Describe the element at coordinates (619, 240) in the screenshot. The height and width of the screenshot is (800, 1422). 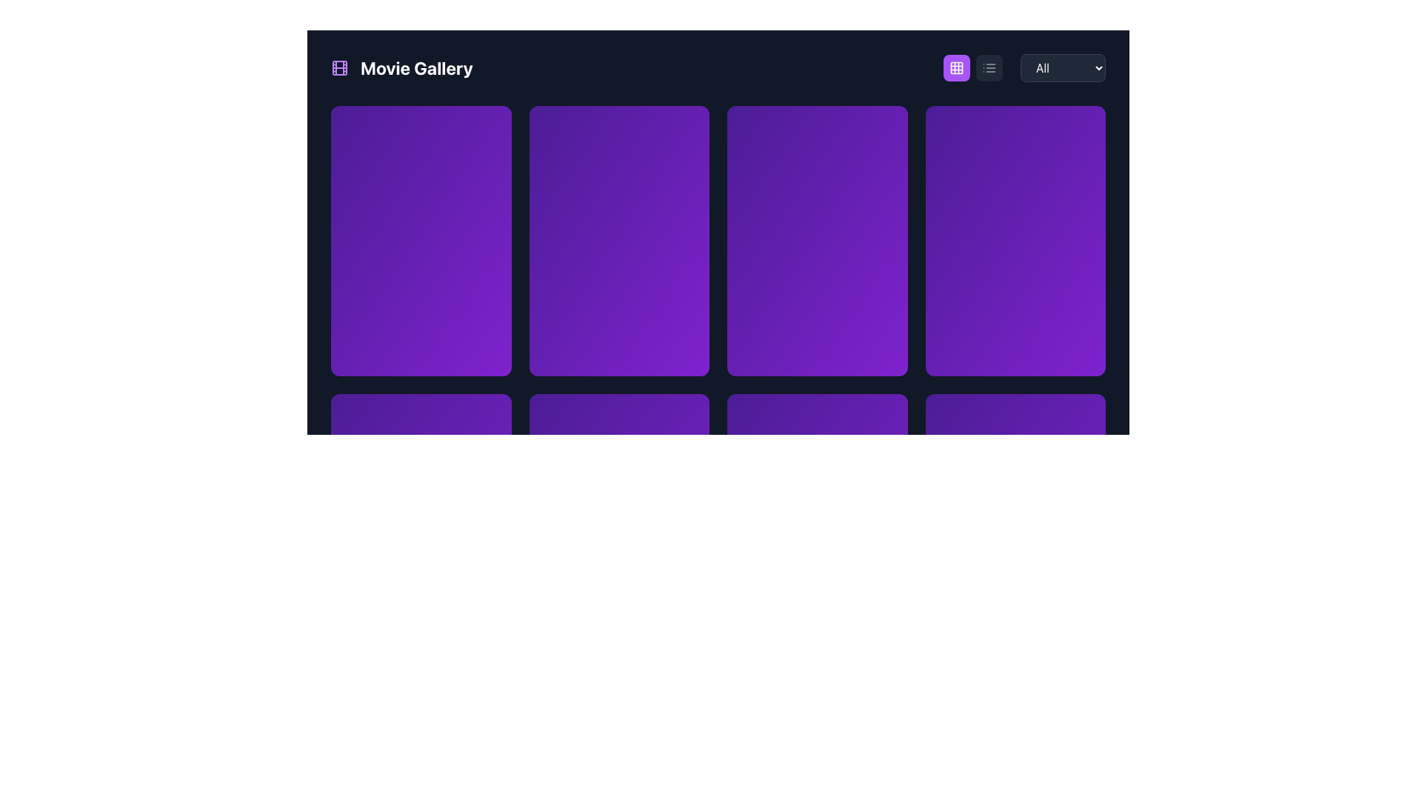
I see `the rectangular card with rounded corners, featuring a gradient background from violet to purple, located in the top row, middle column of the grid` at that location.